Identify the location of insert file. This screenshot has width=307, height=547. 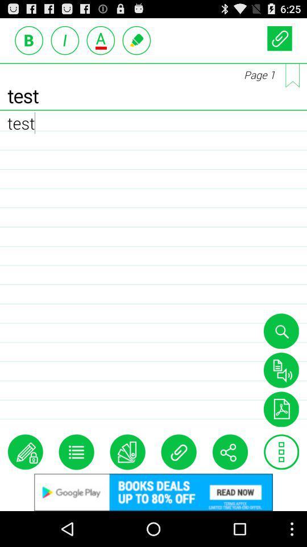
(179, 452).